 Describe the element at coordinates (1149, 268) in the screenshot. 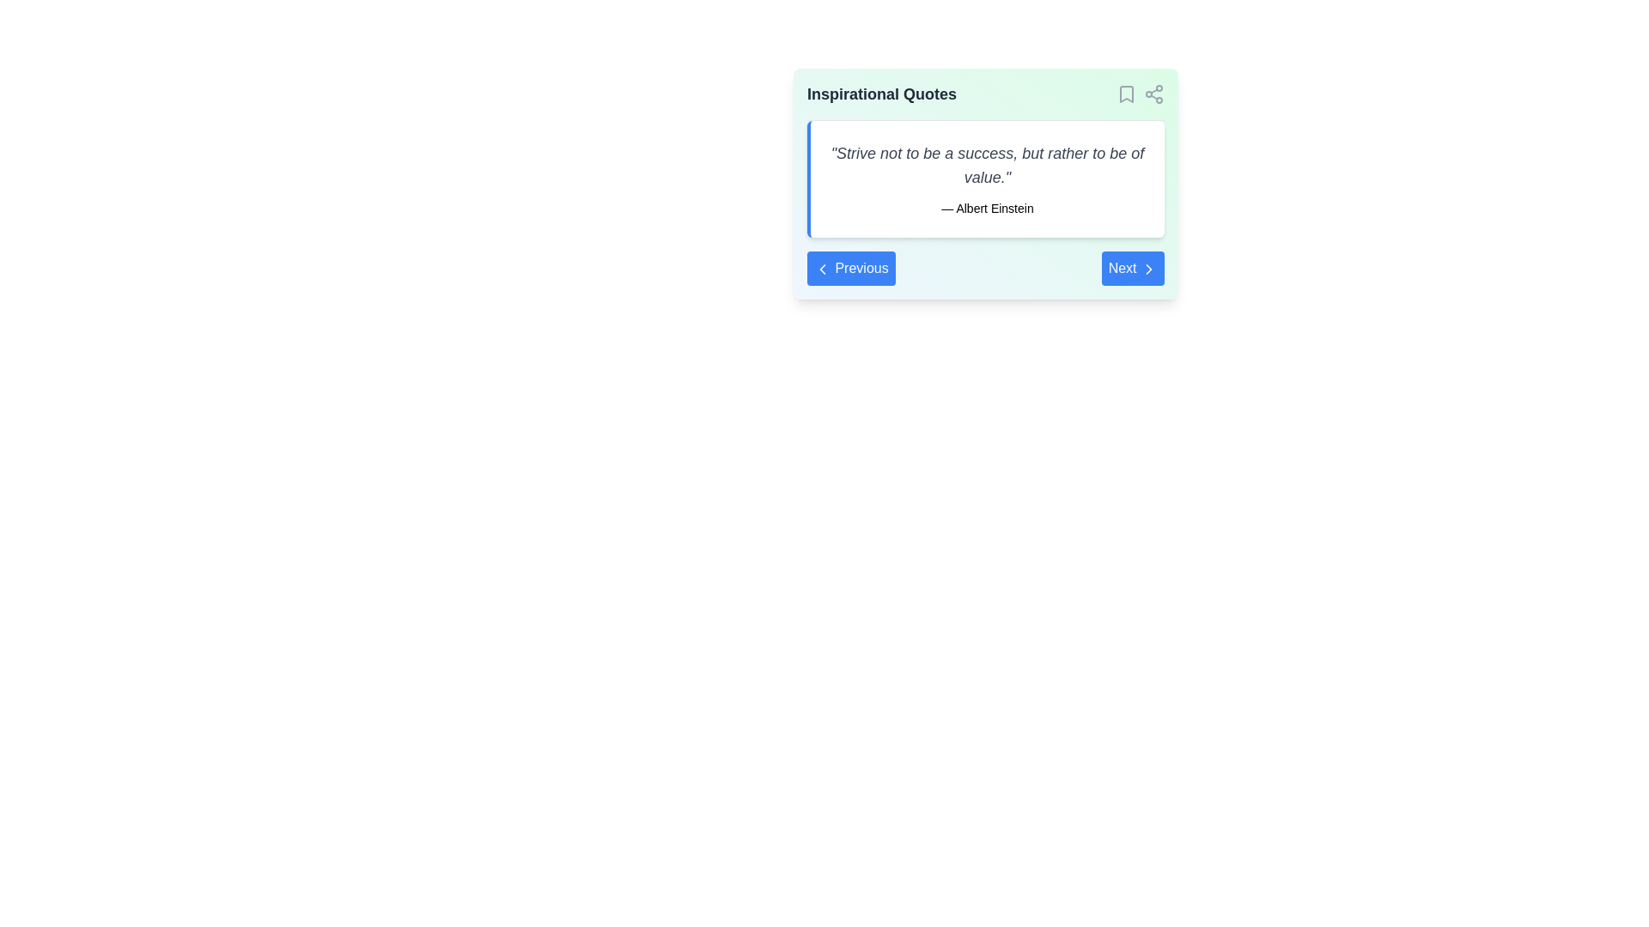

I see `the right-pointing chevron icon within the 'Next' button on the 'Inspirational Quotes' card` at that location.